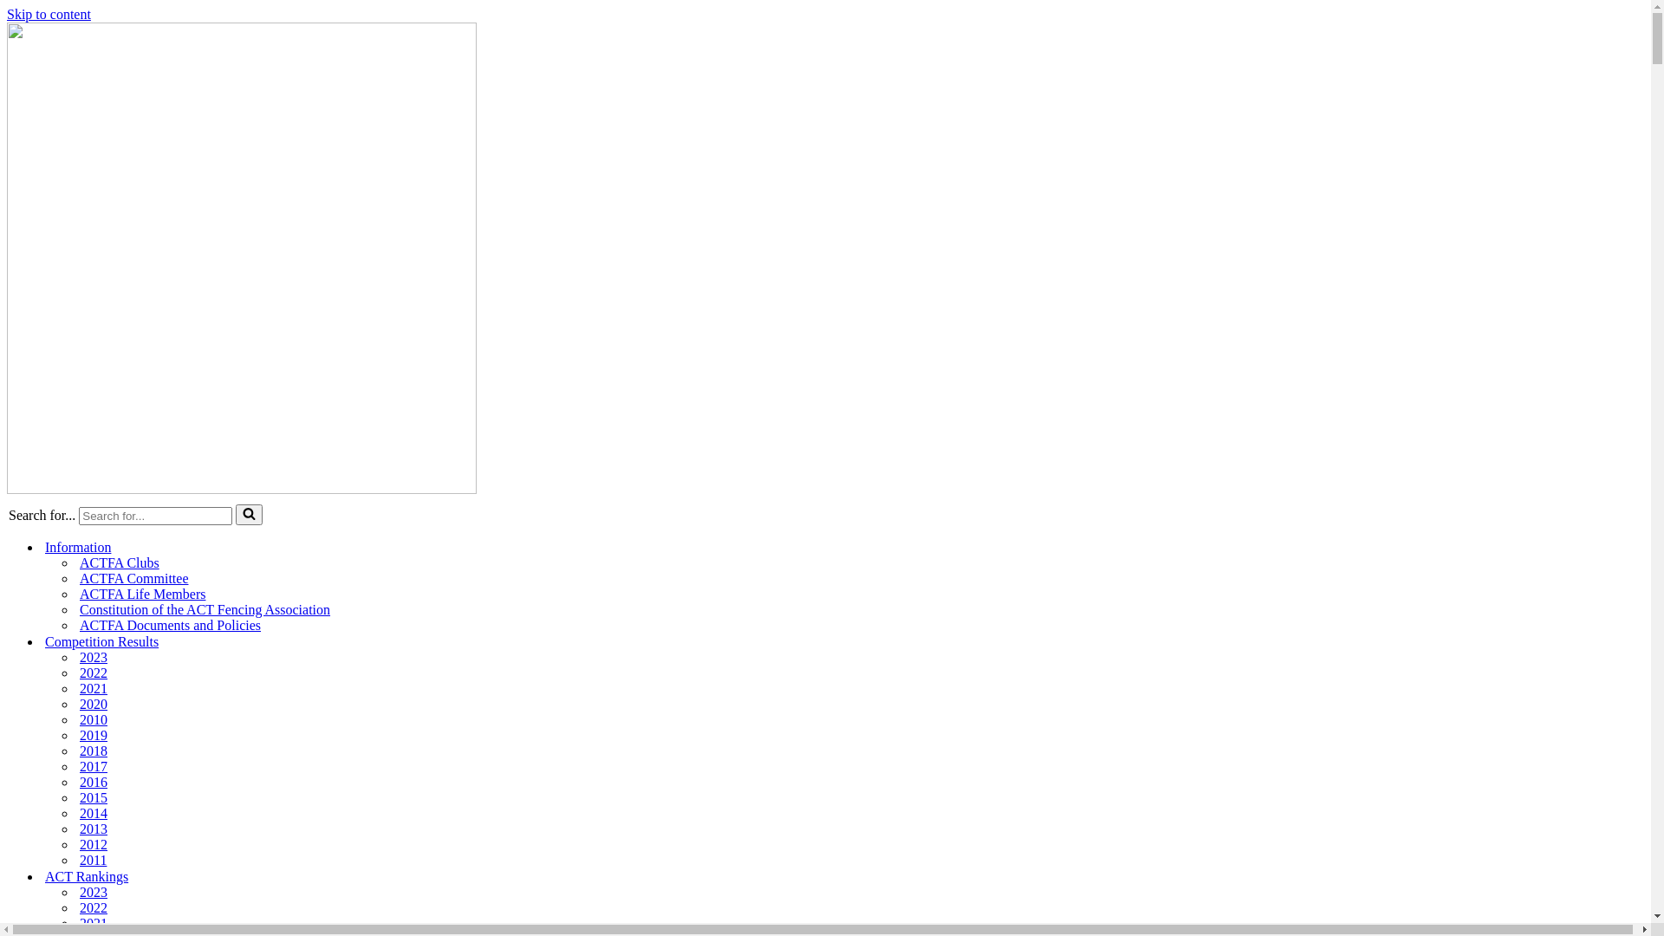 This screenshot has width=1664, height=936. What do you see at coordinates (93, 735) in the screenshot?
I see `'2019'` at bounding box center [93, 735].